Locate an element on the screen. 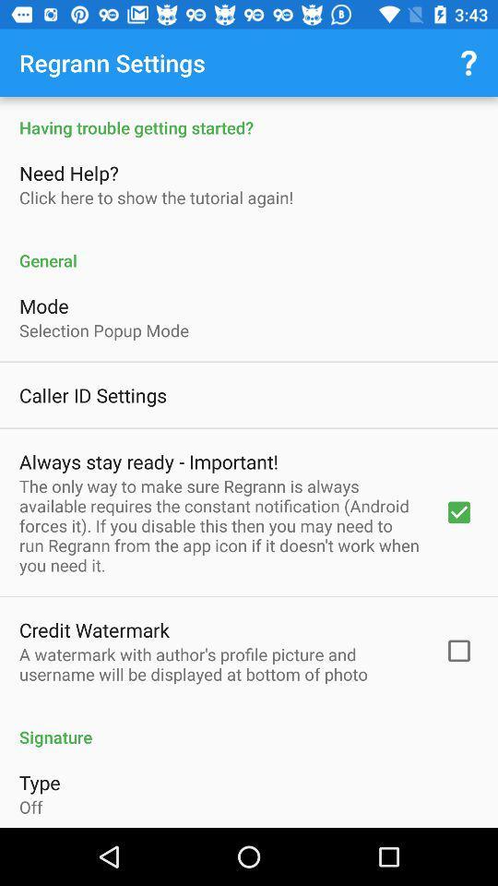 The image size is (498, 886). icon next to regrann settings at the right topmost corner of the page is located at coordinates (468, 63).